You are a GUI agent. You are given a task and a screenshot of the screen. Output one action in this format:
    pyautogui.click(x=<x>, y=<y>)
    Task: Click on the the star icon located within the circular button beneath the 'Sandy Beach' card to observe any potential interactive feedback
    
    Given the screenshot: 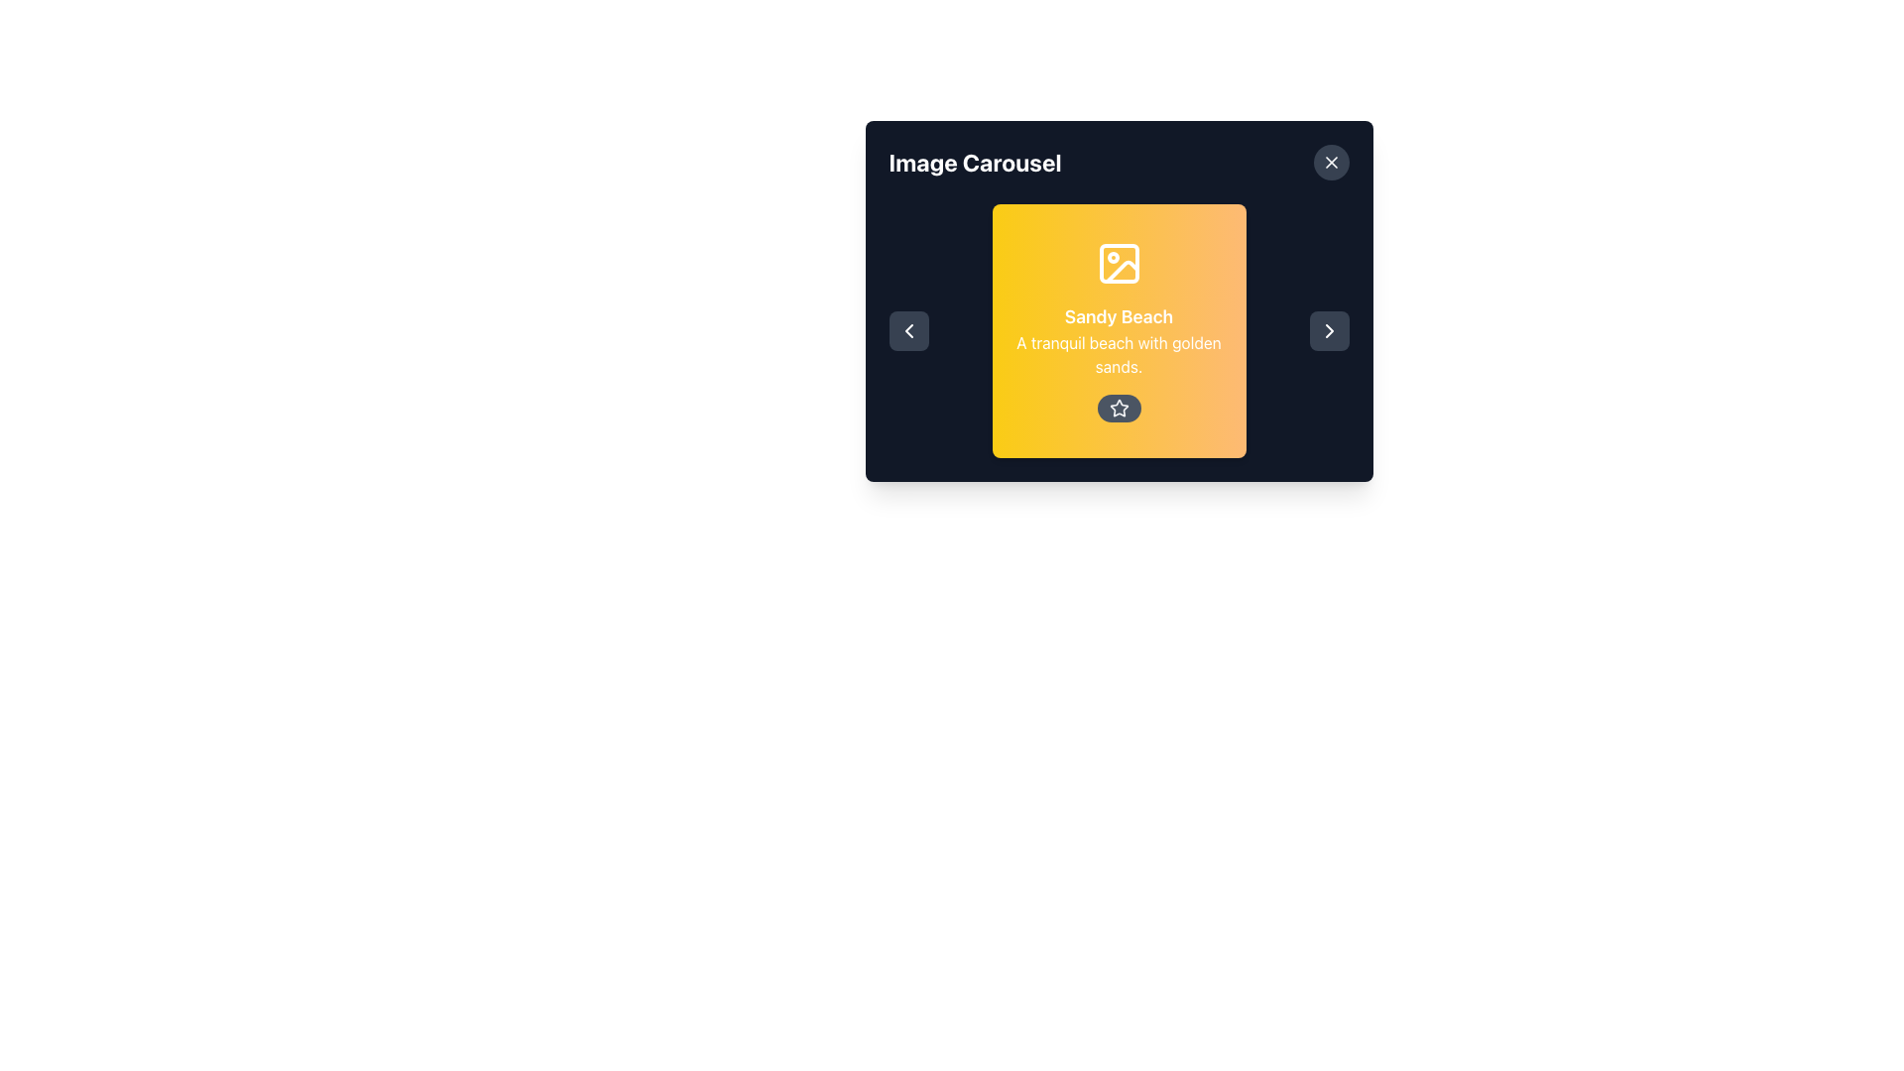 What is the action you would take?
    pyautogui.click(x=1119, y=408)
    